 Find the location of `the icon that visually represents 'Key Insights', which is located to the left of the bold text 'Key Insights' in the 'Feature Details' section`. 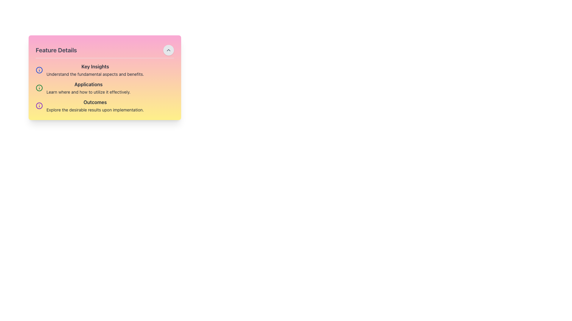

the icon that visually represents 'Key Insights', which is located to the left of the bold text 'Key Insights' in the 'Feature Details' section is located at coordinates (39, 70).